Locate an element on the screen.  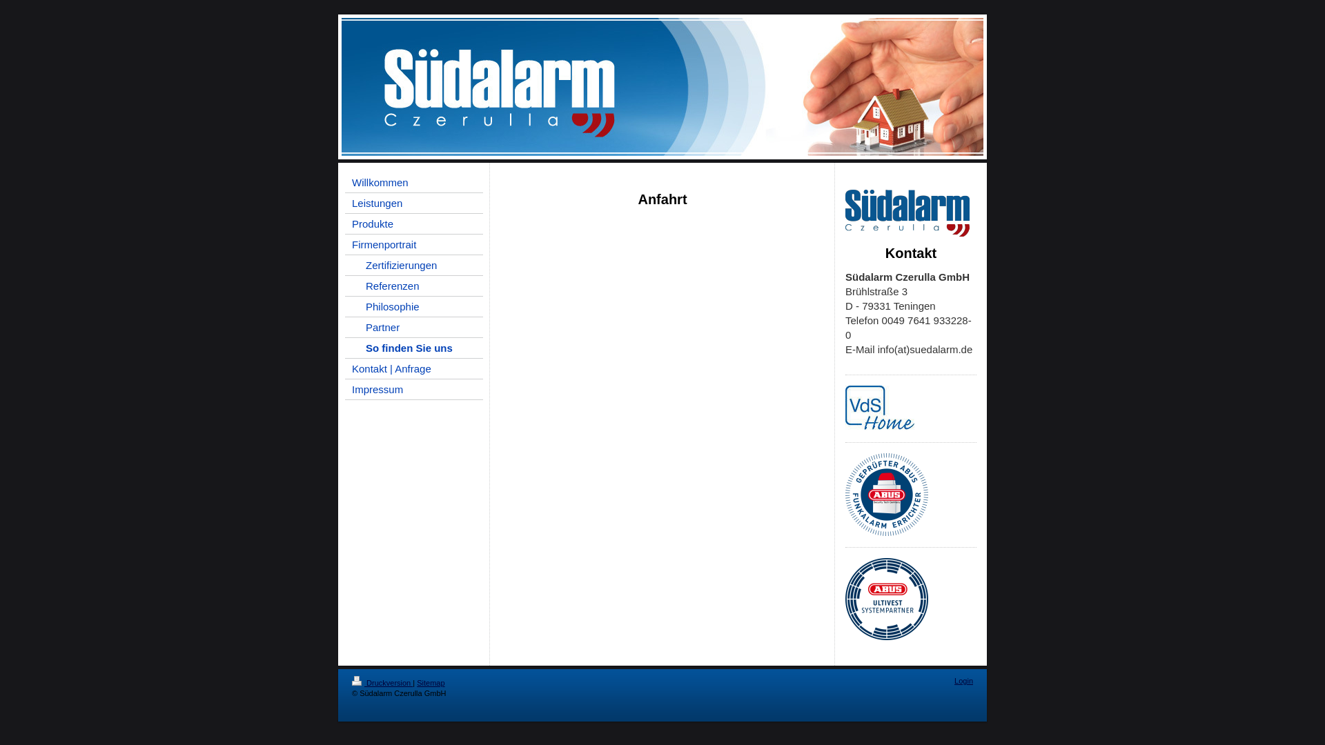
'Partner' is located at coordinates (413, 327).